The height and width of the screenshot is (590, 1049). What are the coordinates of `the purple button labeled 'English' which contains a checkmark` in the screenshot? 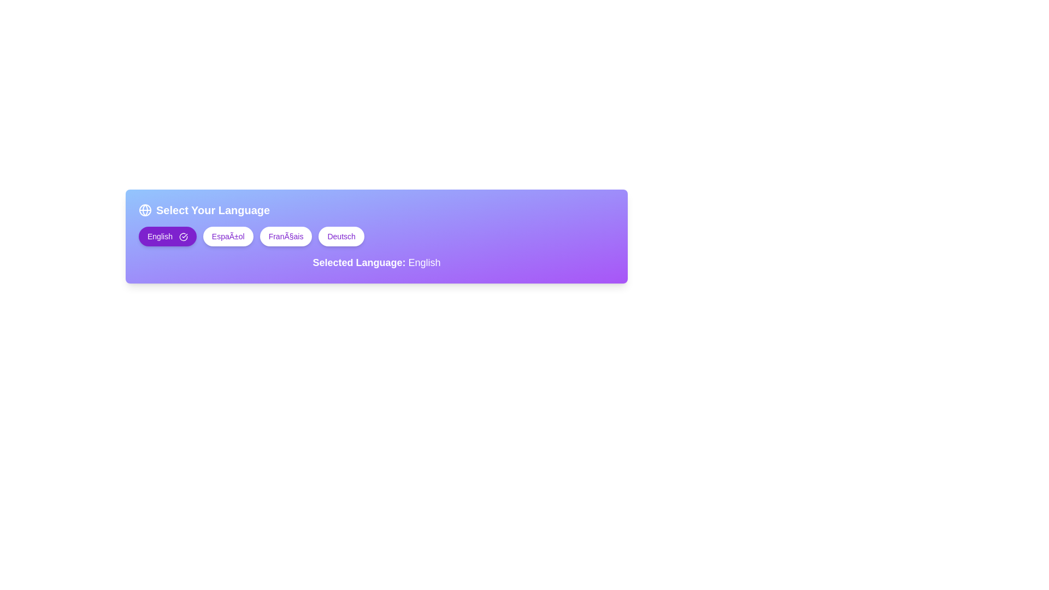 It's located at (183, 237).